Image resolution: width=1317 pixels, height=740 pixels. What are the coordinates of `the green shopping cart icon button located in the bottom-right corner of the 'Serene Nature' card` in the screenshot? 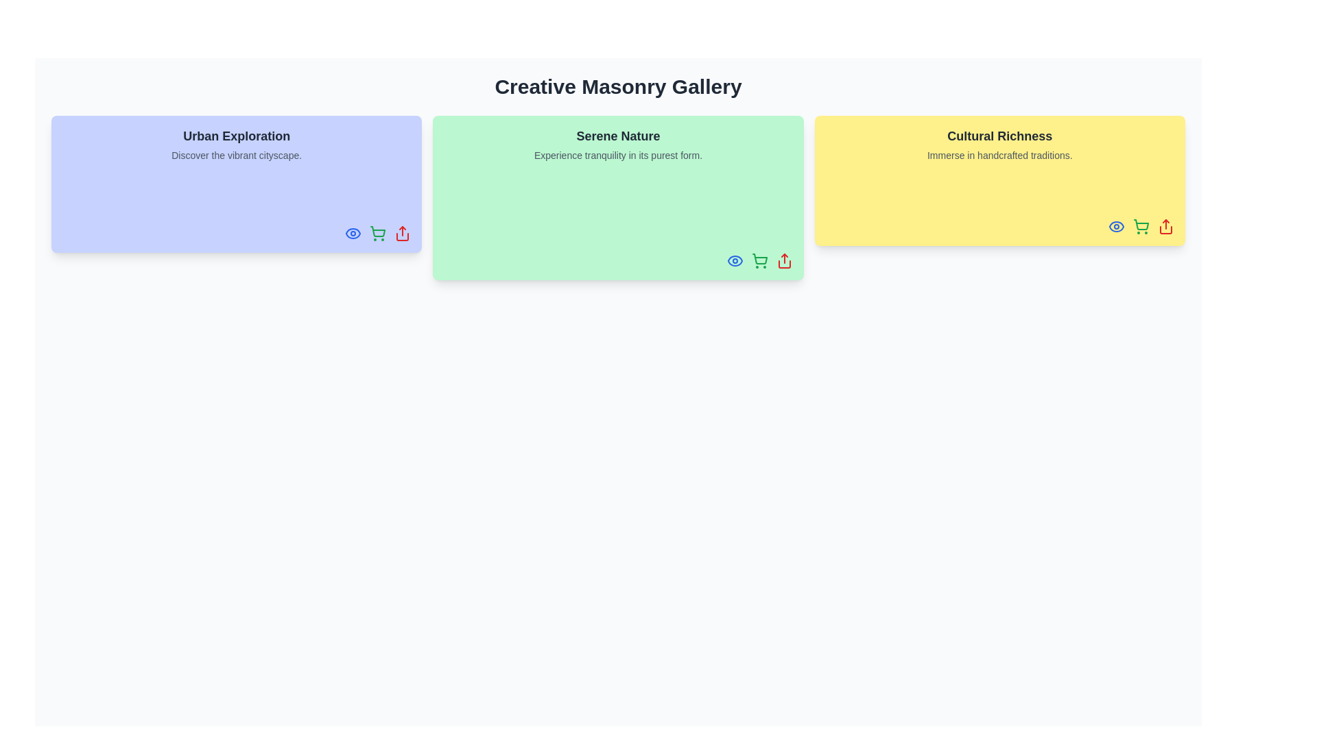 It's located at (759, 261).